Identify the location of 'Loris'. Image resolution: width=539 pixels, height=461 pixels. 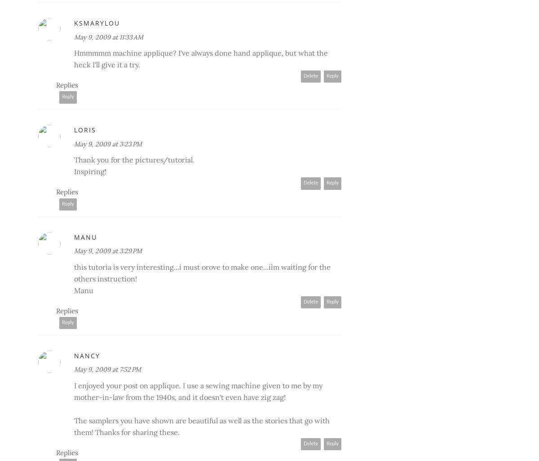
(74, 129).